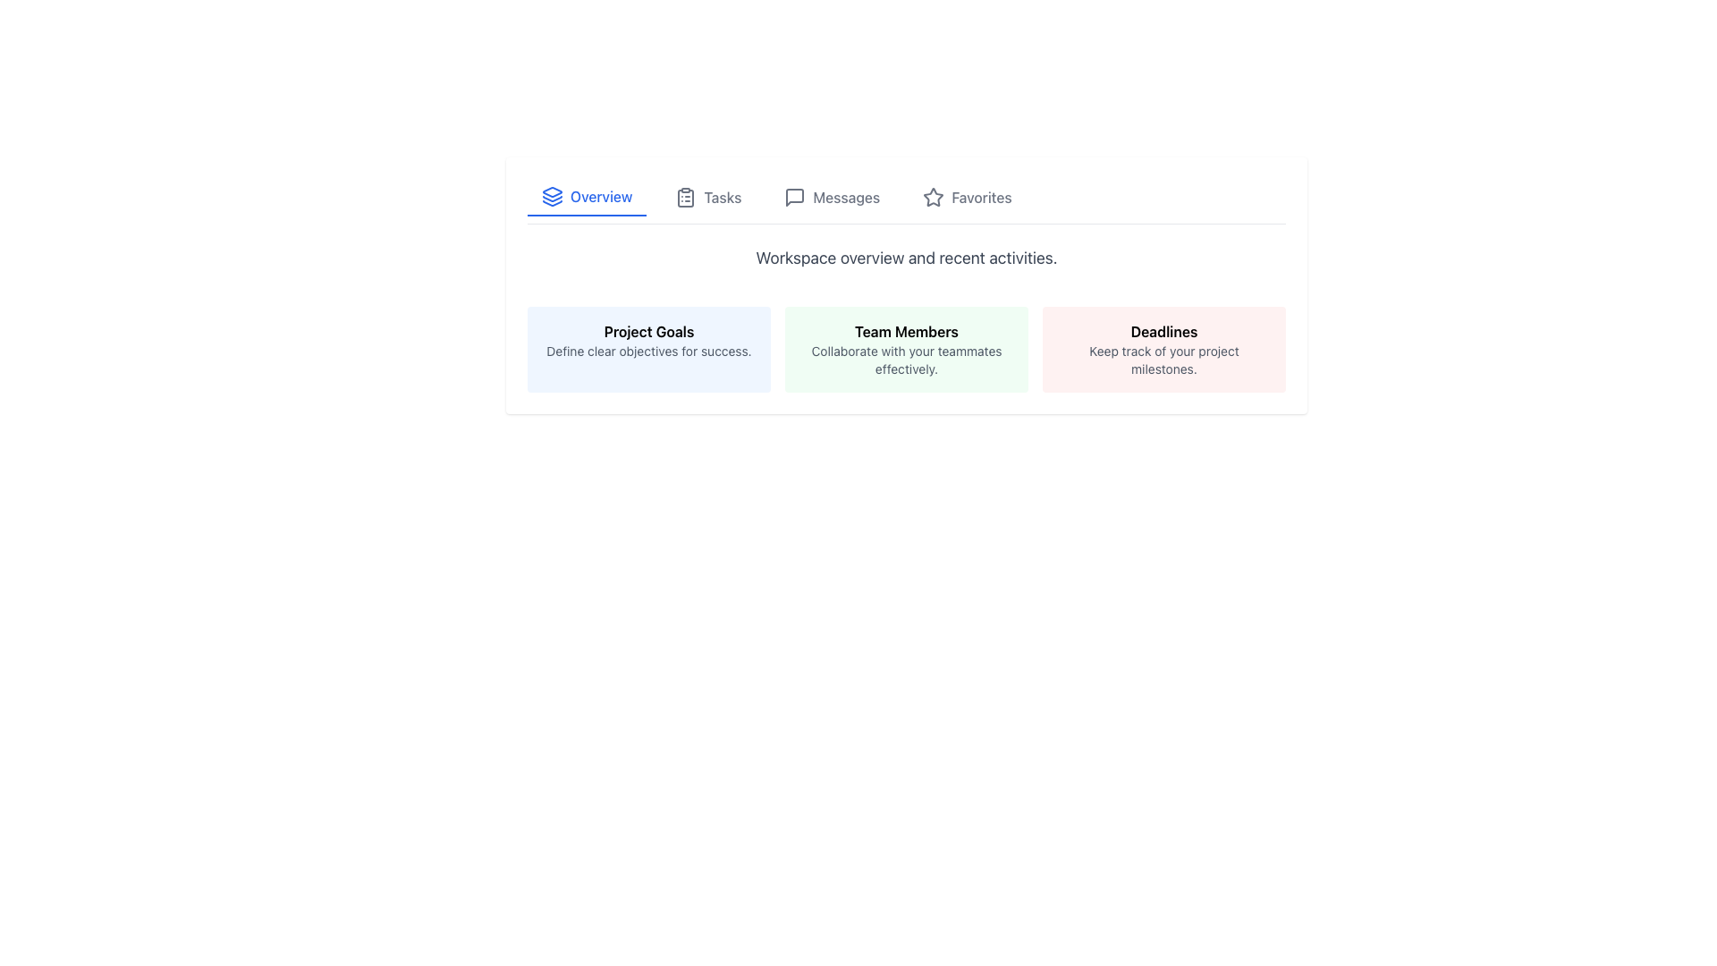 The height and width of the screenshot is (966, 1717). I want to click on the star icon in the top navigation bar, which serves as a visual indicator for 'Favorites', located to the immediate left of the 'Favorites' label, so click(933, 197).